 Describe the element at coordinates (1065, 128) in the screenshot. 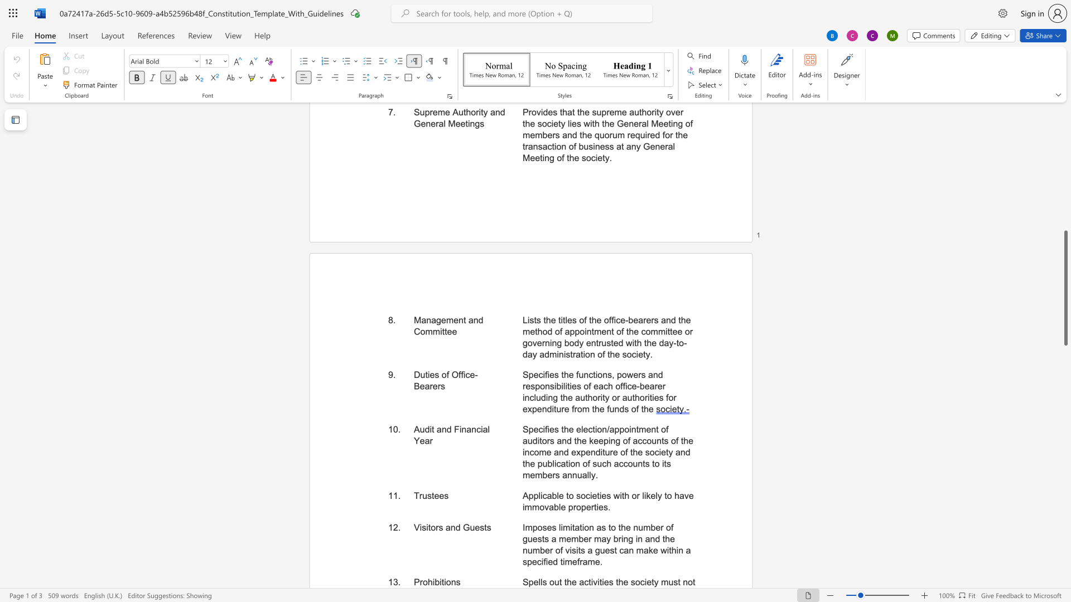

I see `the scrollbar to move the page upward` at that location.